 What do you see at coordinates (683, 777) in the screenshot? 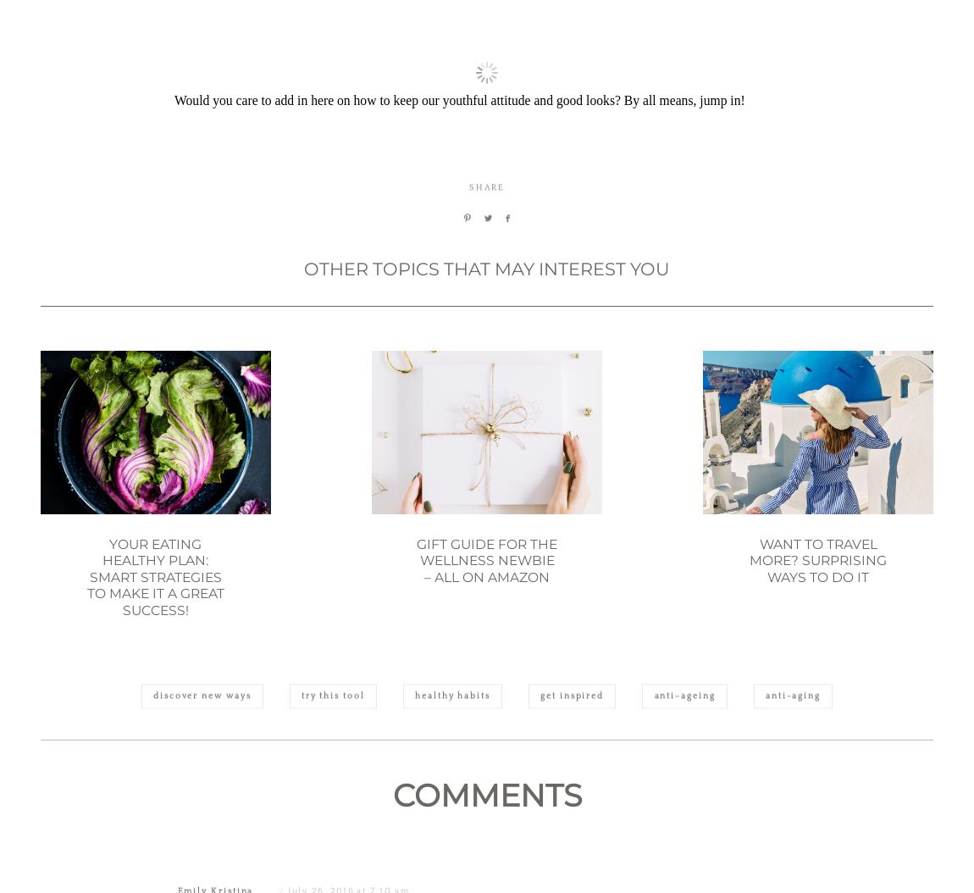
I see `'anti-ageing'` at bounding box center [683, 777].